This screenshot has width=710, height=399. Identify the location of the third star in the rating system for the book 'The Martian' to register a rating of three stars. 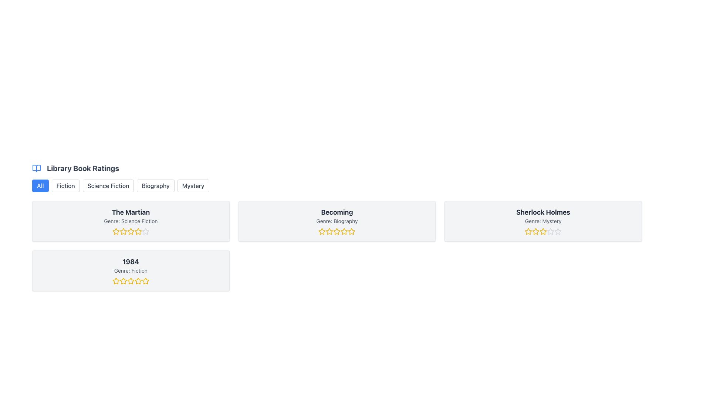
(145, 231).